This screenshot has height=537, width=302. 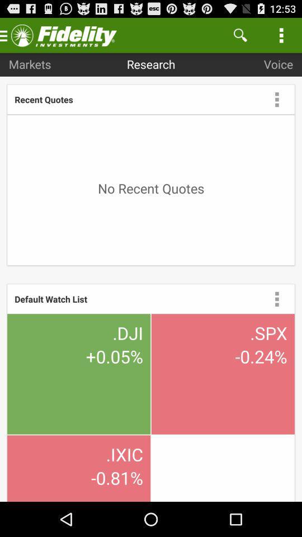 What do you see at coordinates (281, 35) in the screenshot?
I see `the icon above the voice icon` at bounding box center [281, 35].